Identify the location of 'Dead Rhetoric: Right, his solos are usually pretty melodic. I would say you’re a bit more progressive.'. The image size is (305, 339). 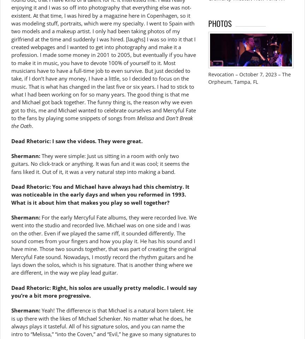
(104, 291).